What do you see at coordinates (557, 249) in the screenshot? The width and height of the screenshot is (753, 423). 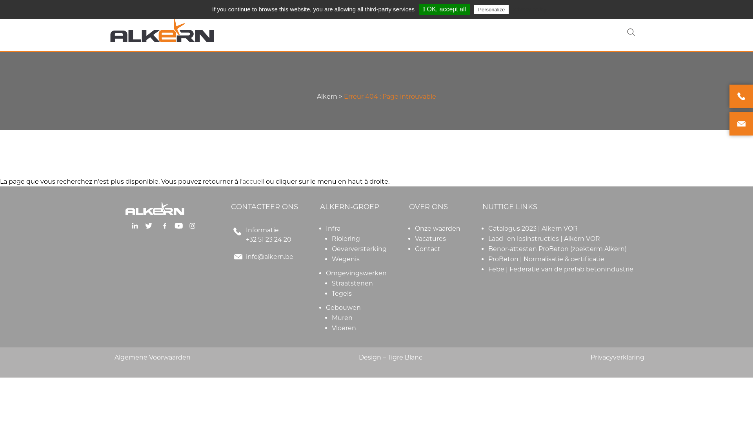 I see `'Benor-attesten ProBeton (zoekterm Alkern)'` at bounding box center [557, 249].